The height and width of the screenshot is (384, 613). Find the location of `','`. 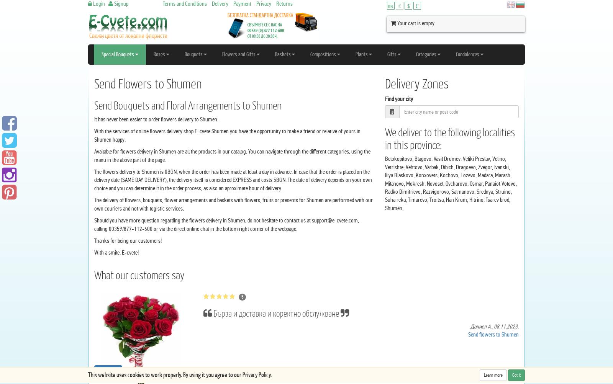

',' is located at coordinates (492, 326).